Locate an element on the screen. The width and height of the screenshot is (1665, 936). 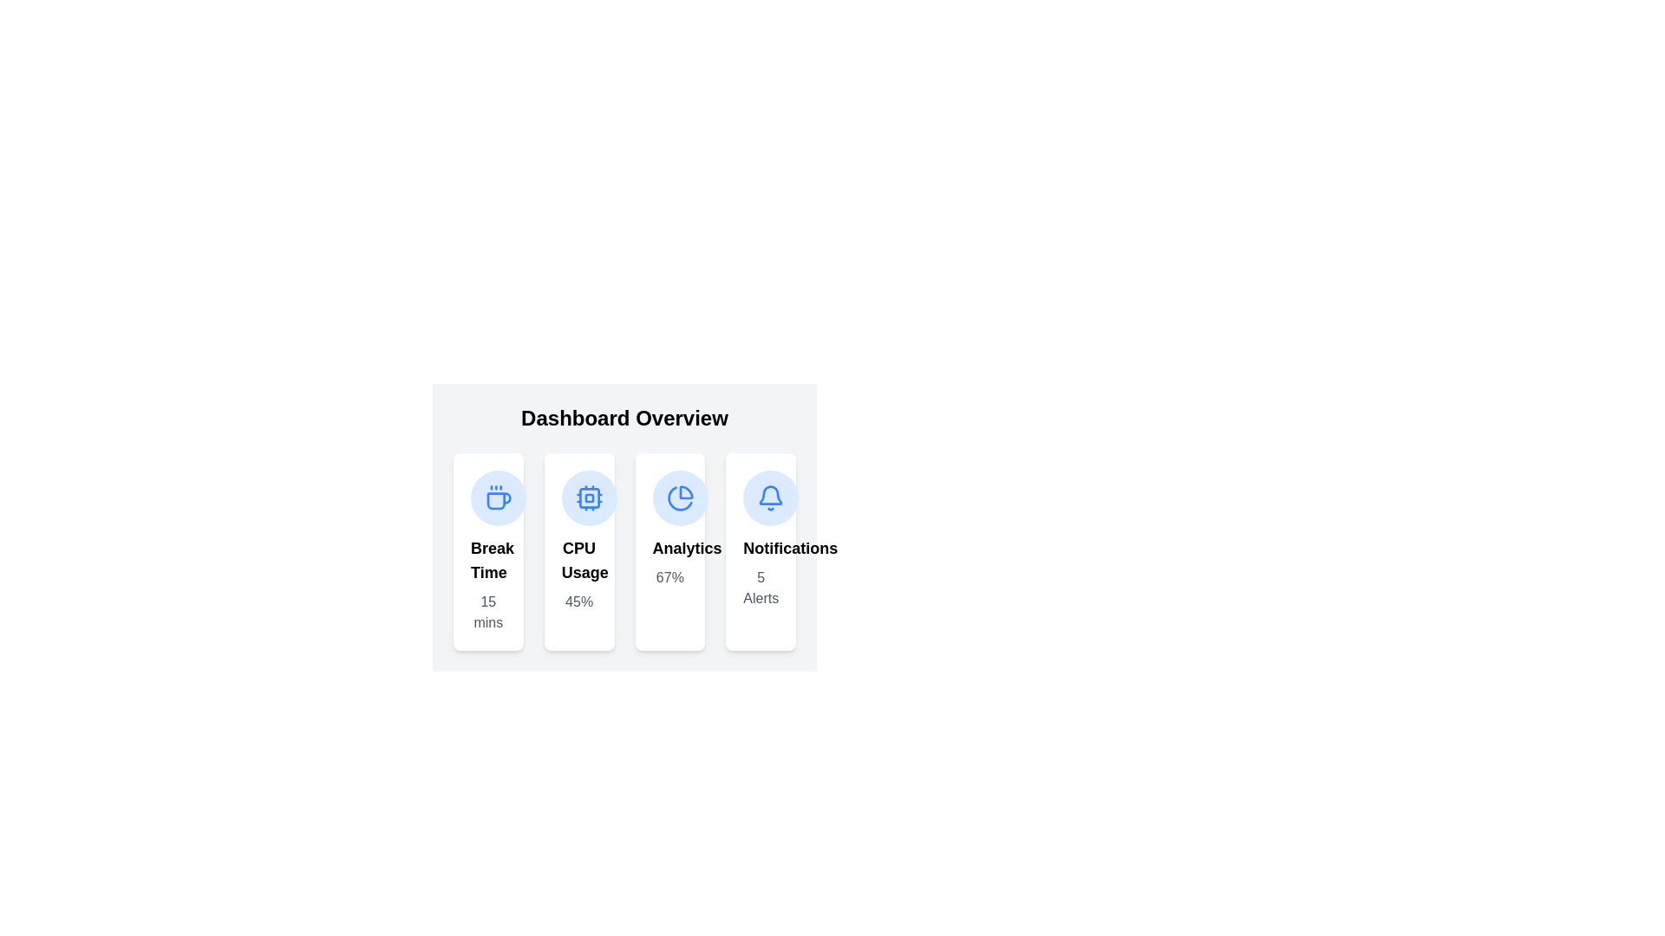
the decorative coffee break icon located in the first card under the 'Dashboard Overview' header, labeled 'Break Time' is located at coordinates (498, 497).